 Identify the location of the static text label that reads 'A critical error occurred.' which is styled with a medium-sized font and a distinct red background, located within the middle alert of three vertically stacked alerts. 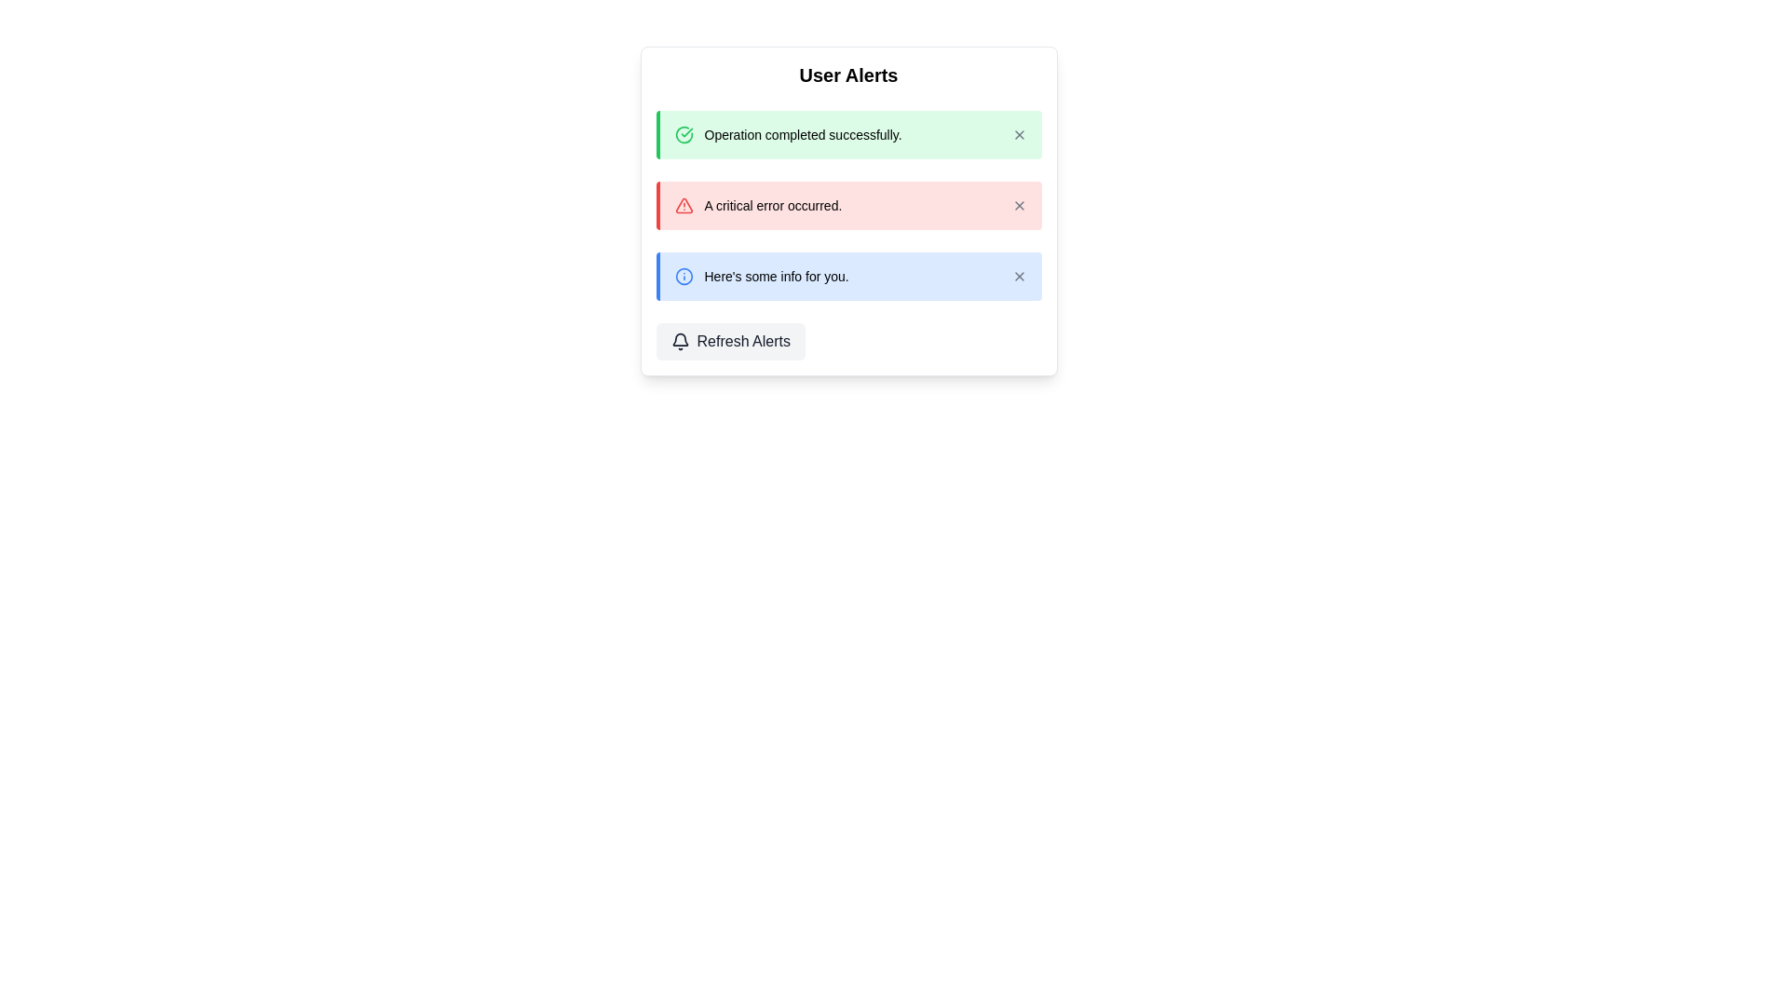
(773, 205).